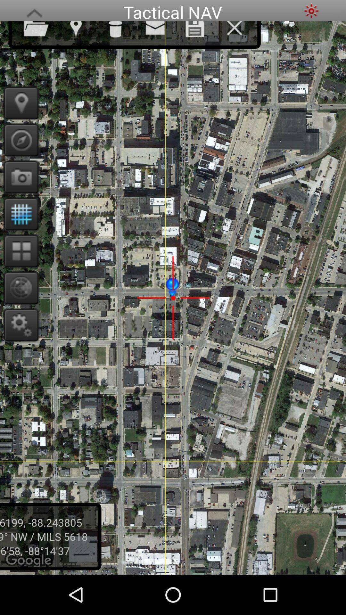 The width and height of the screenshot is (346, 615). Describe the element at coordinates (19, 189) in the screenshot. I see `the photo icon` at that location.